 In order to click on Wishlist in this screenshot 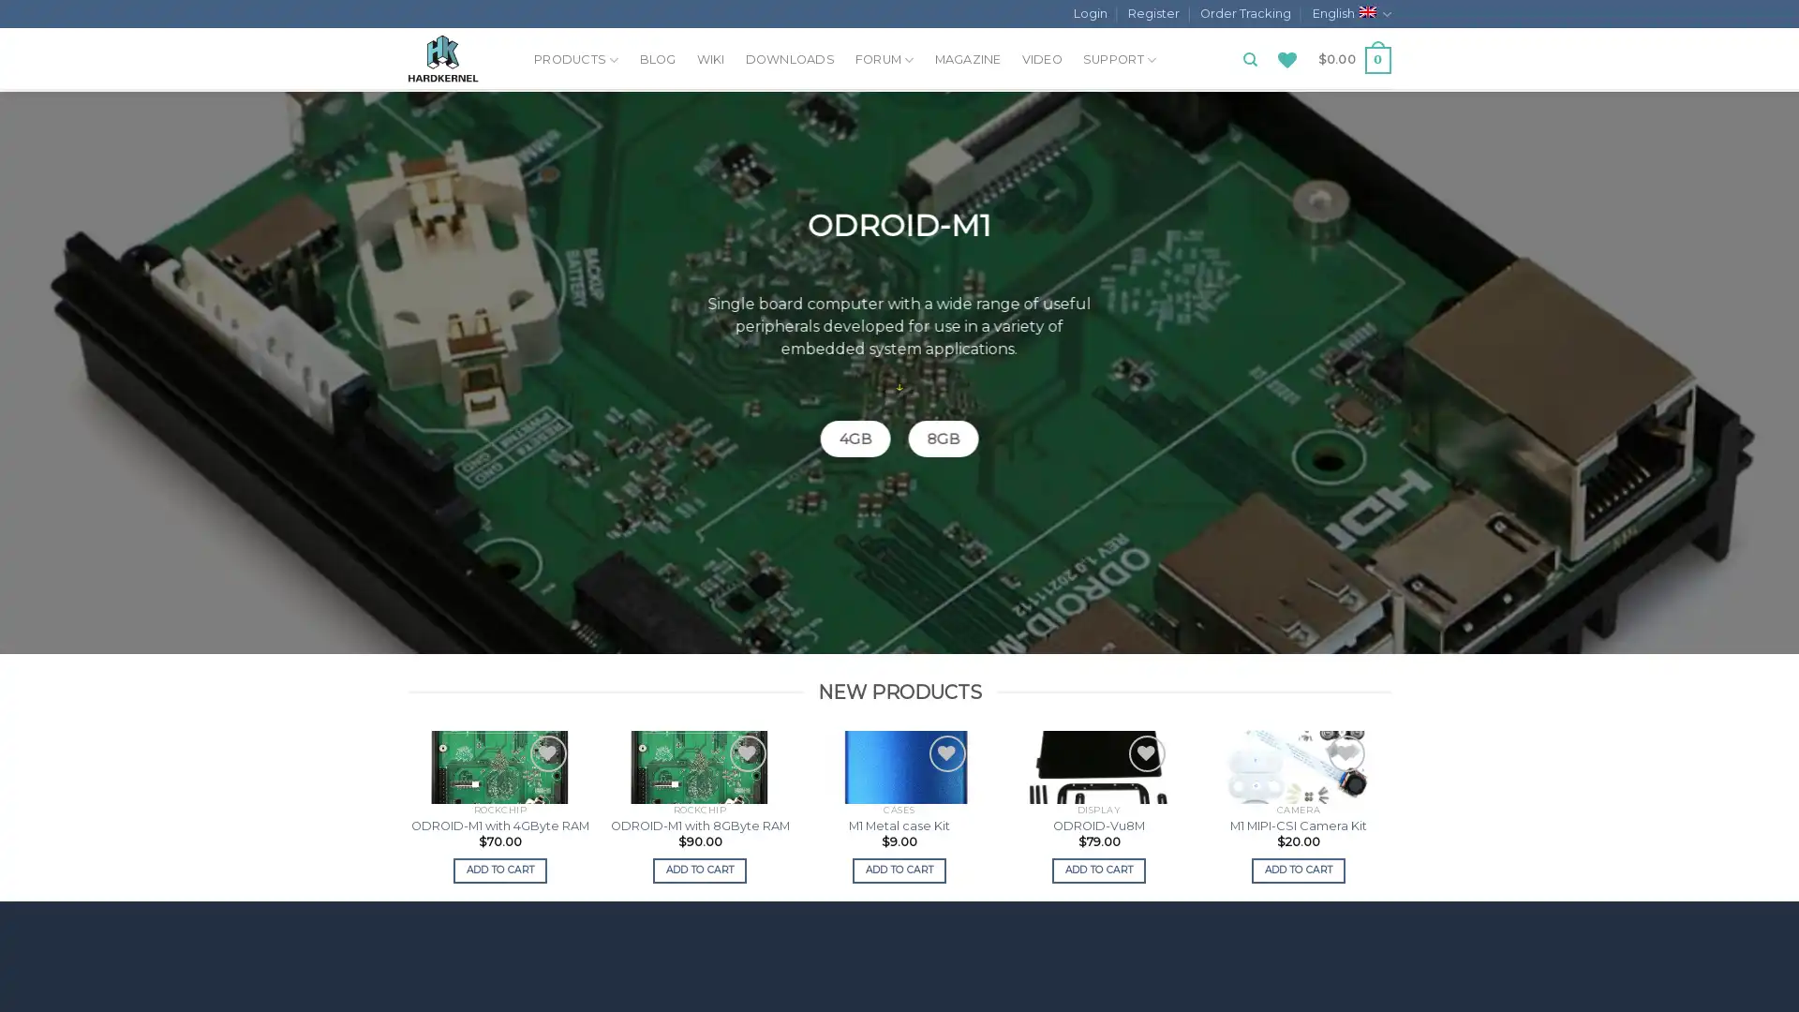, I will do `click(1145, 752)`.